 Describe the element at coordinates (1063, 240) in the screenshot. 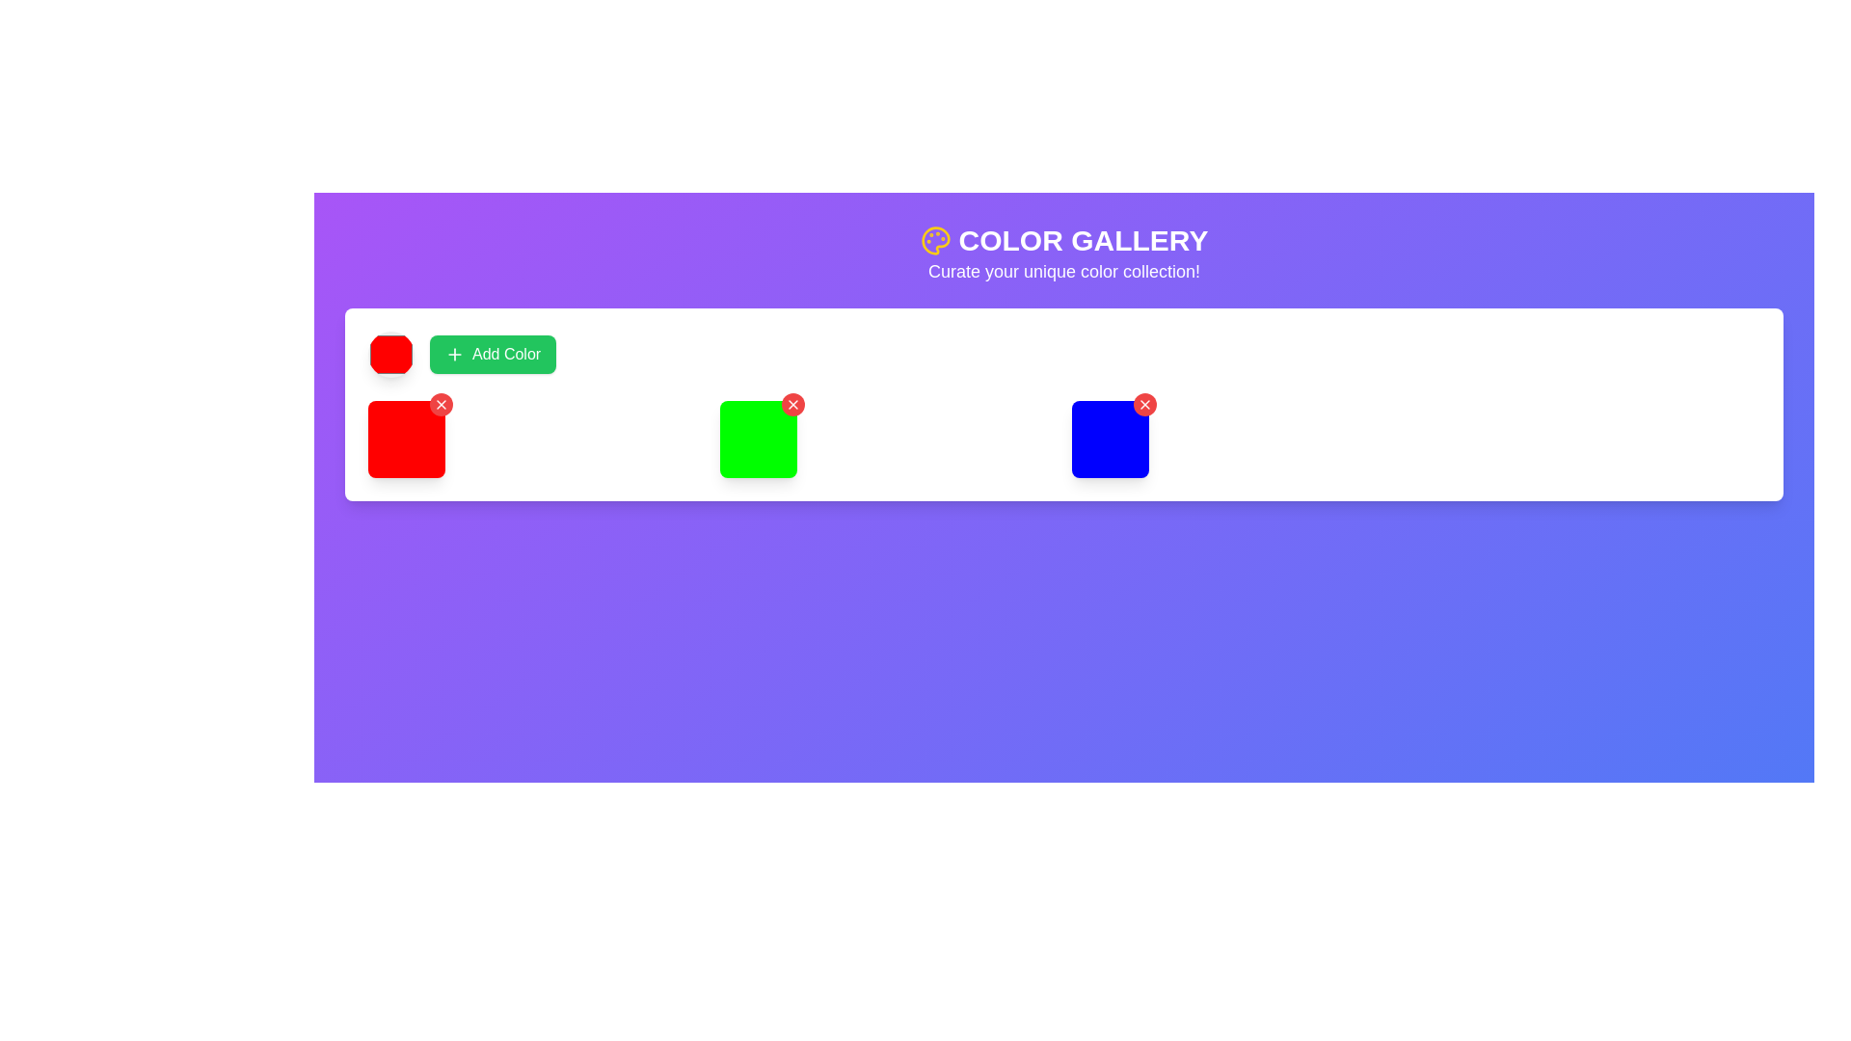

I see `the Text header element that serves as the title for the color gallery section, which is located centrally at the top of the visible area` at that location.